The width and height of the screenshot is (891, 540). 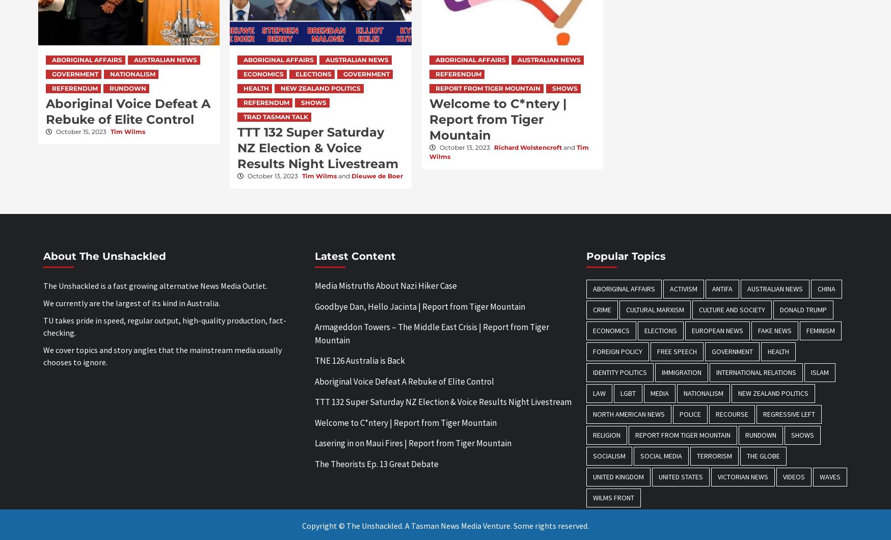 What do you see at coordinates (661, 455) in the screenshot?
I see `'Social Media'` at bounding box center [661, 455].